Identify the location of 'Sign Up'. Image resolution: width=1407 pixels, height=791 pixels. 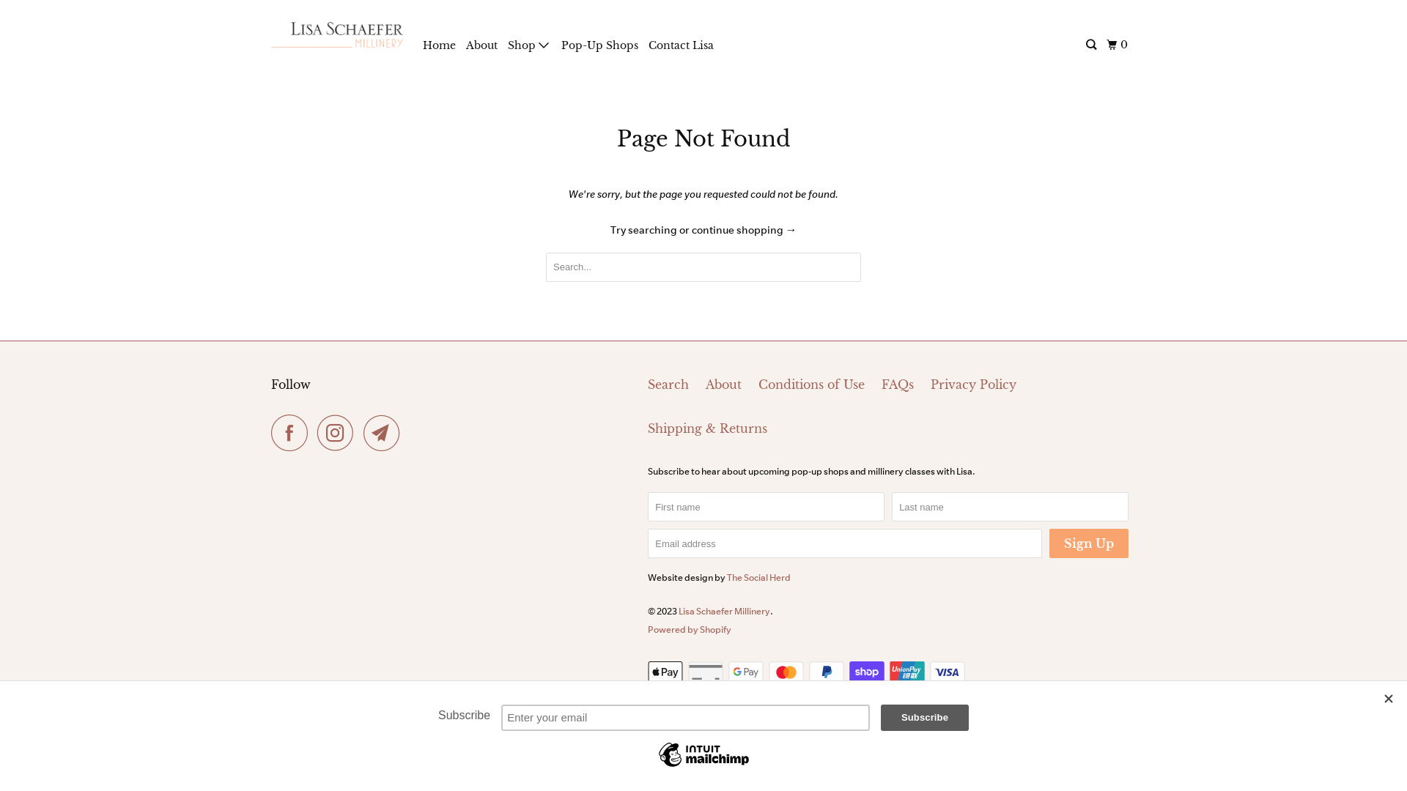
(1089, 543).